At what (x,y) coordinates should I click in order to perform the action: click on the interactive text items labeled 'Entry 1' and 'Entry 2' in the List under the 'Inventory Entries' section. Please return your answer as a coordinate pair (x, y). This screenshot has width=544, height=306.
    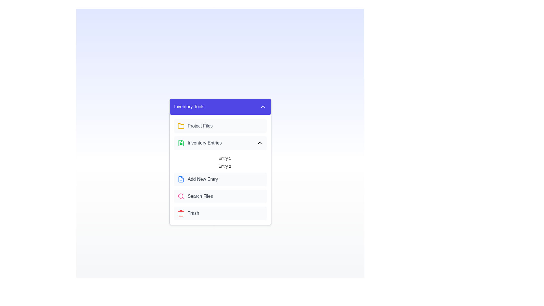
    Looking at the image, I should click on (220, 161).